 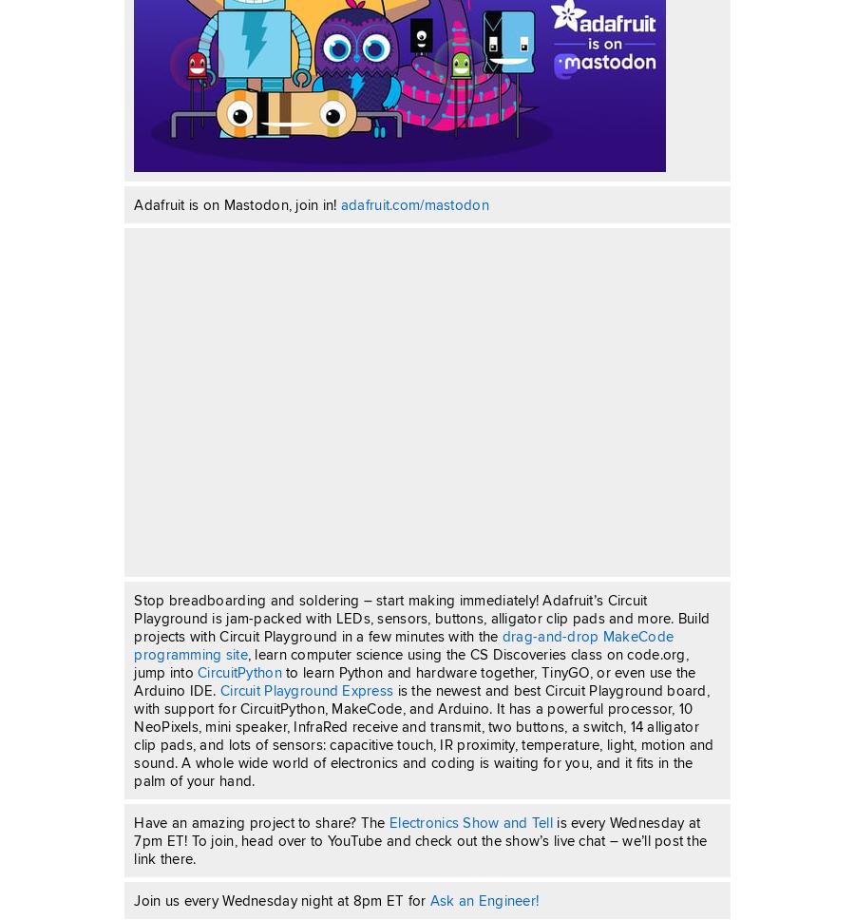 I want to click on 'Have an amazing project to share? The', so click(x=134, y=821).